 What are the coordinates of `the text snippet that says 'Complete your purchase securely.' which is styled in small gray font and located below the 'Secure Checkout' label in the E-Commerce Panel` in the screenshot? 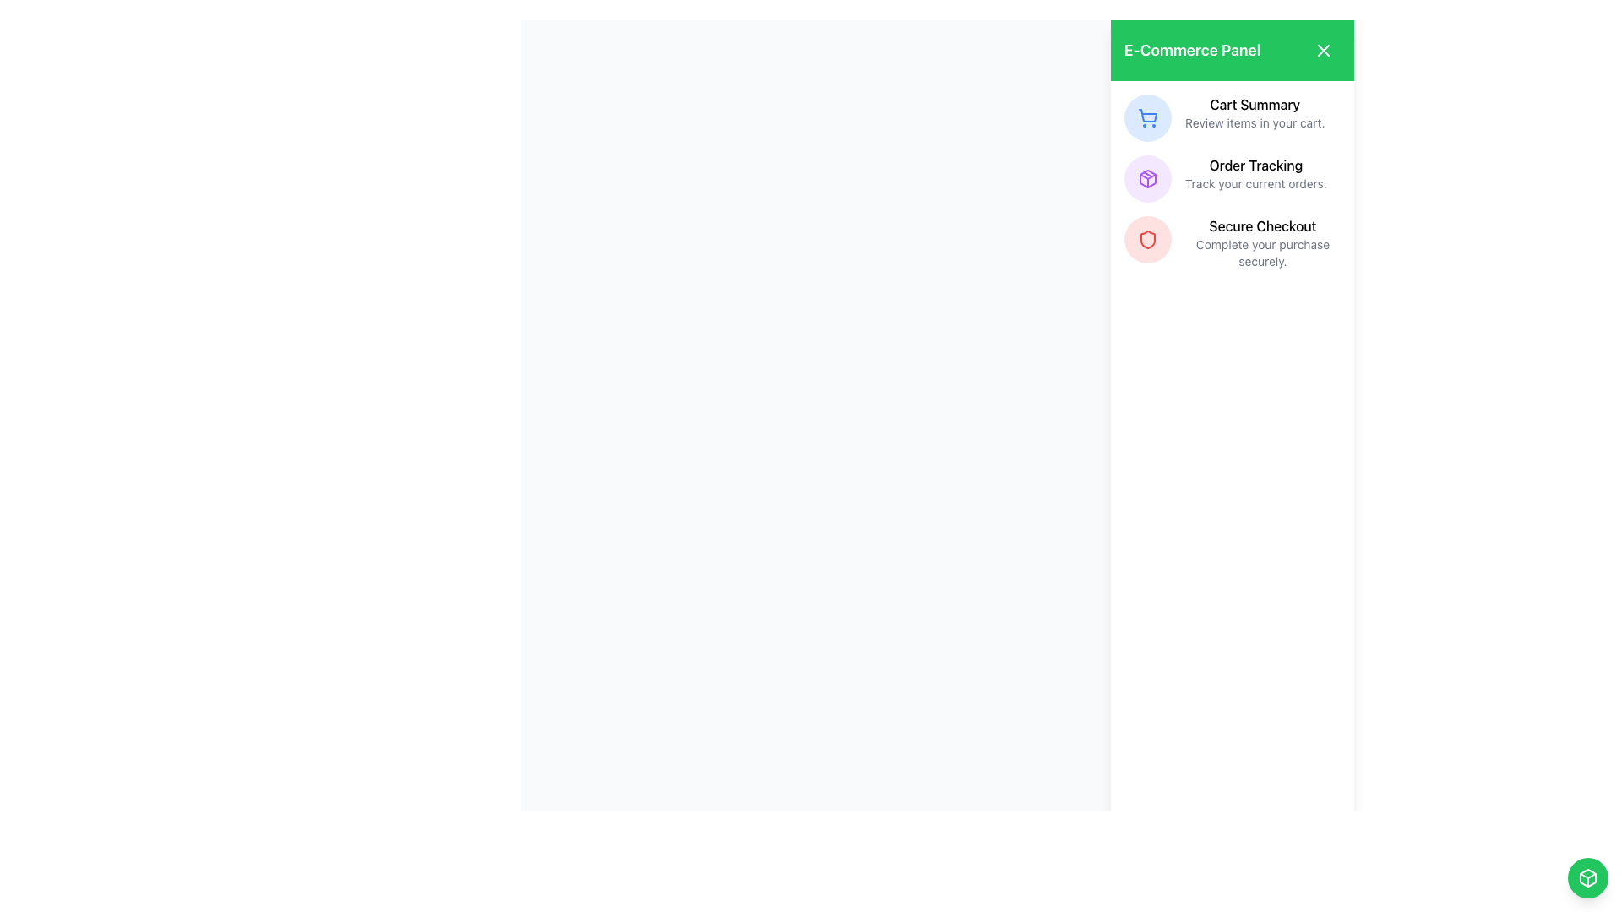 It's located at (1262, 253).